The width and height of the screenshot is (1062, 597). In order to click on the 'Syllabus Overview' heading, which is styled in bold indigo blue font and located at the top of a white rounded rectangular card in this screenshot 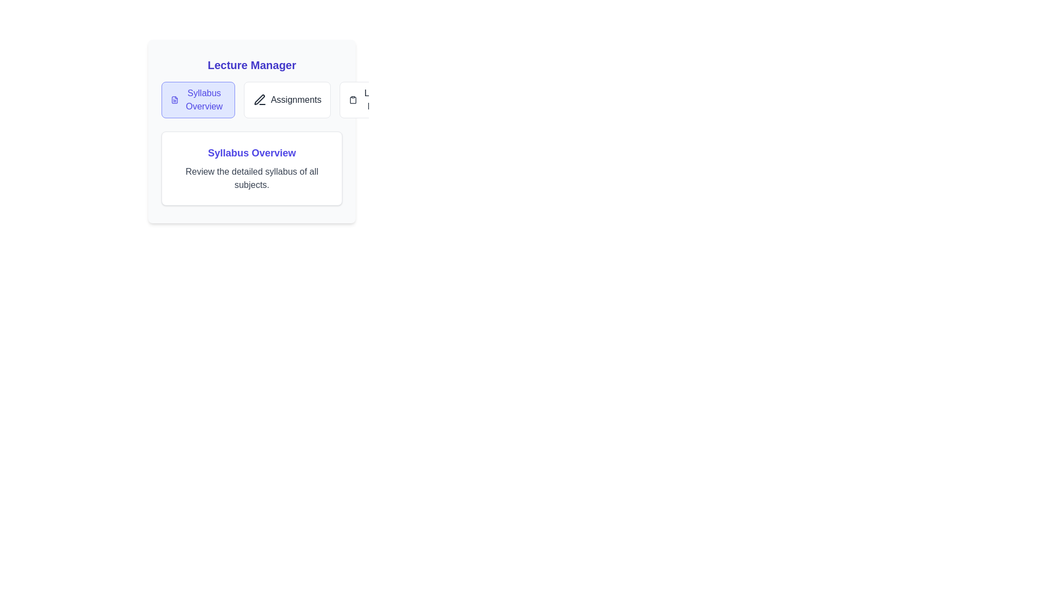, I will do `click(251, 153)`.